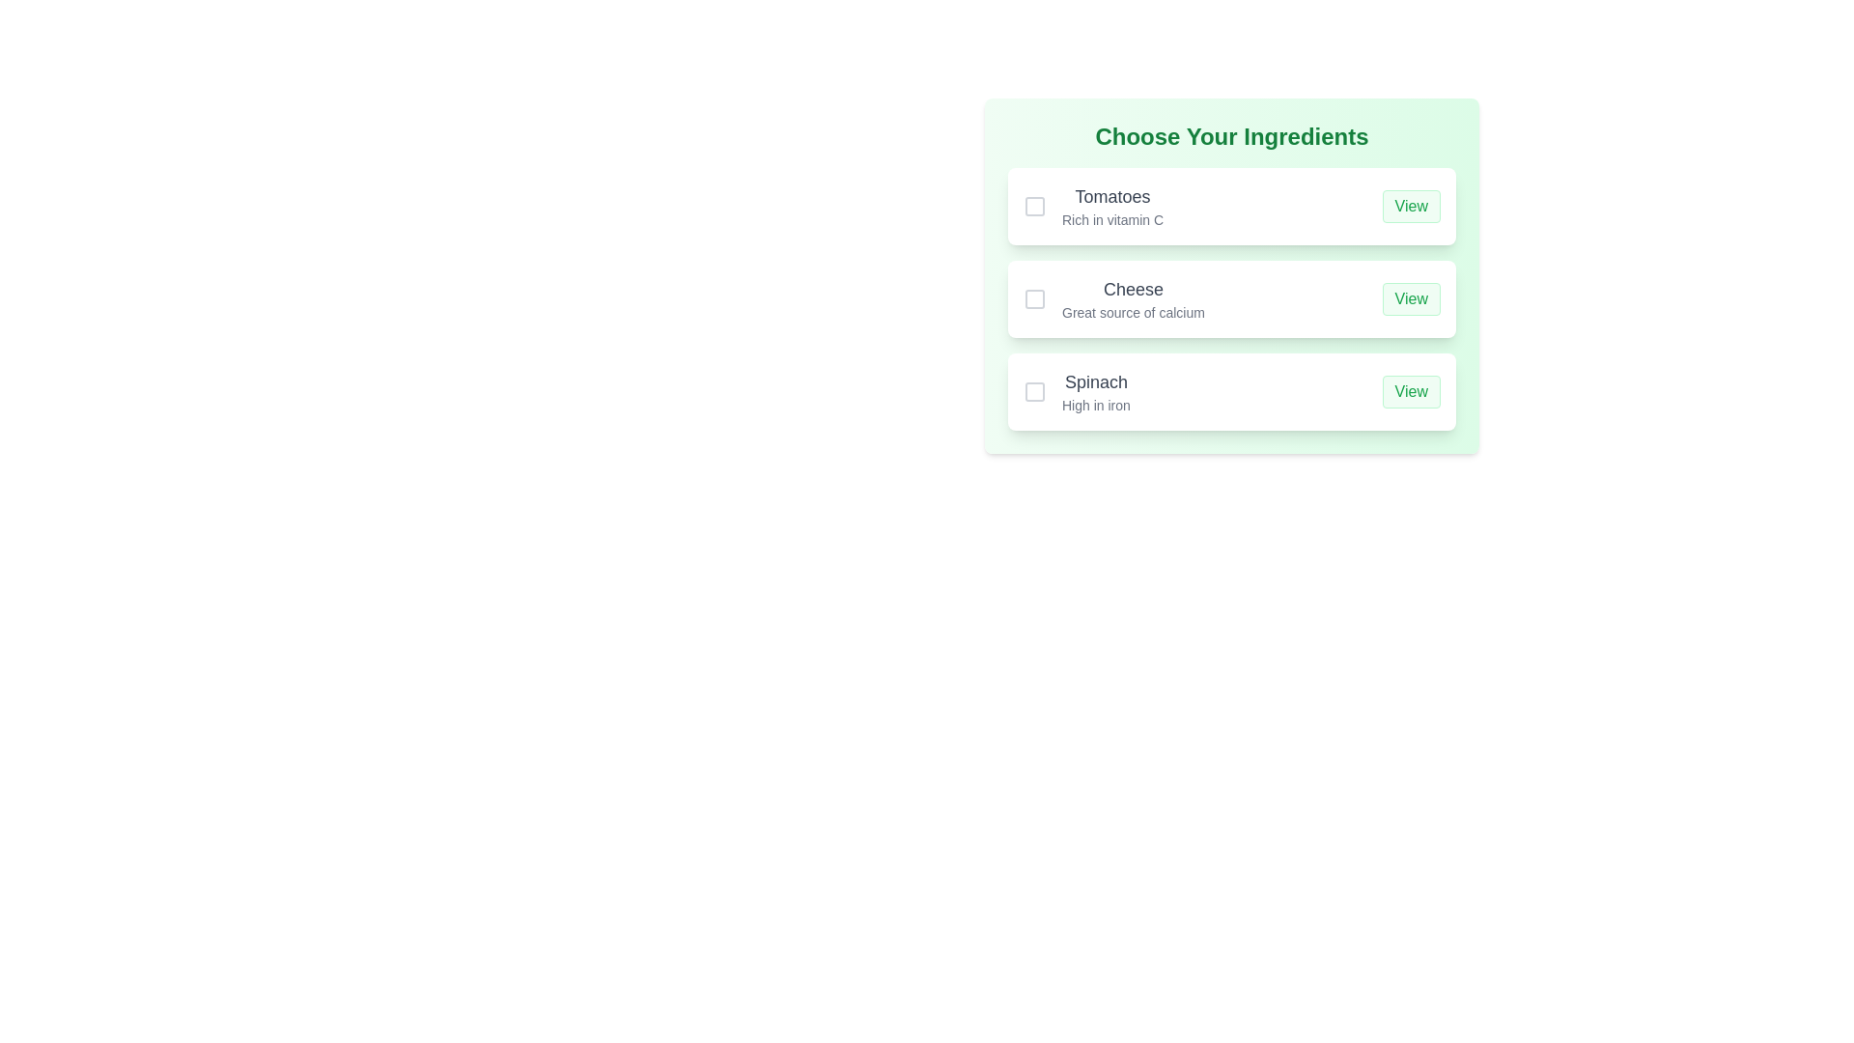 The image size is (1854, 1043). Describe the element at coordinates (1033, 391) in the screenshot. I see `the checkbox located to the left of the 'Spinach' label` at that location.